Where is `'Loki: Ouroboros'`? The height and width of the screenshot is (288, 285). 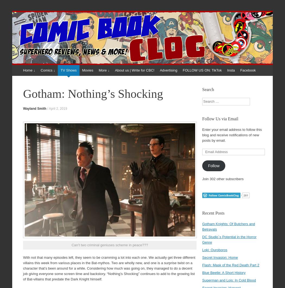 'Loki: Ouroboros' is located at coordinates (202, 250).